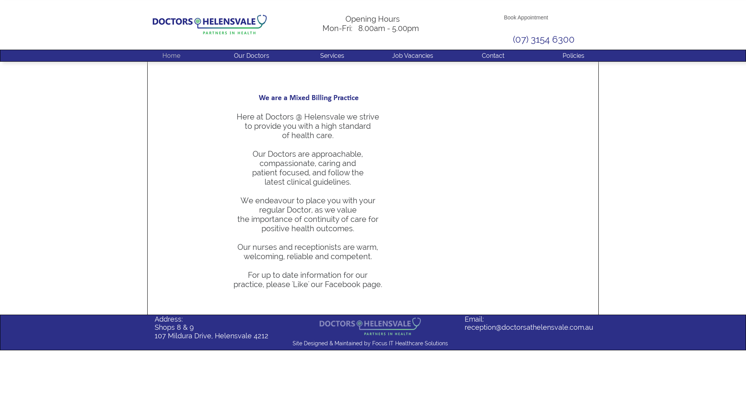 The width and height of the screenshot is (746, 419). What do you see at coordinates (251, 55) in the screenshot?
I see `'Our Doctors'` at bounding box center [251, 55].